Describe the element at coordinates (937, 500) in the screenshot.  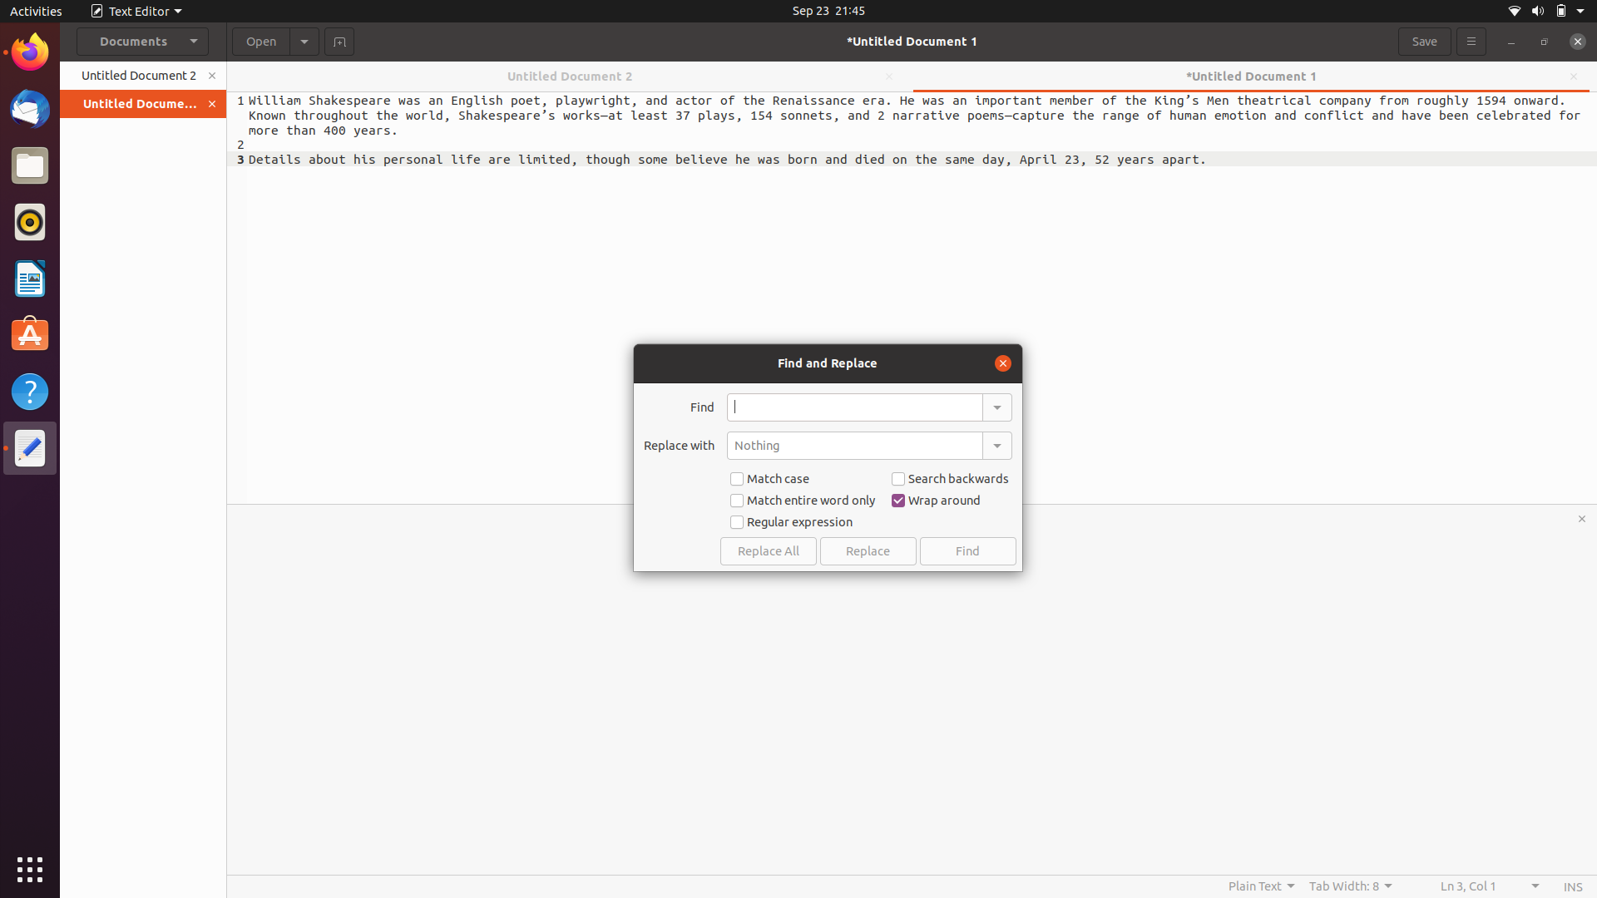
I see `Disable the wrap around feature from find replace bar` at that location.